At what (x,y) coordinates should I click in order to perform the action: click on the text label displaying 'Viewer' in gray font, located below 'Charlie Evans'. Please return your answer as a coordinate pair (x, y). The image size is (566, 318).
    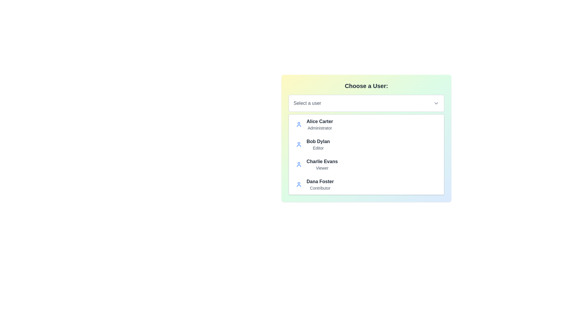
    Looking at the image, I should click on (322, 168).